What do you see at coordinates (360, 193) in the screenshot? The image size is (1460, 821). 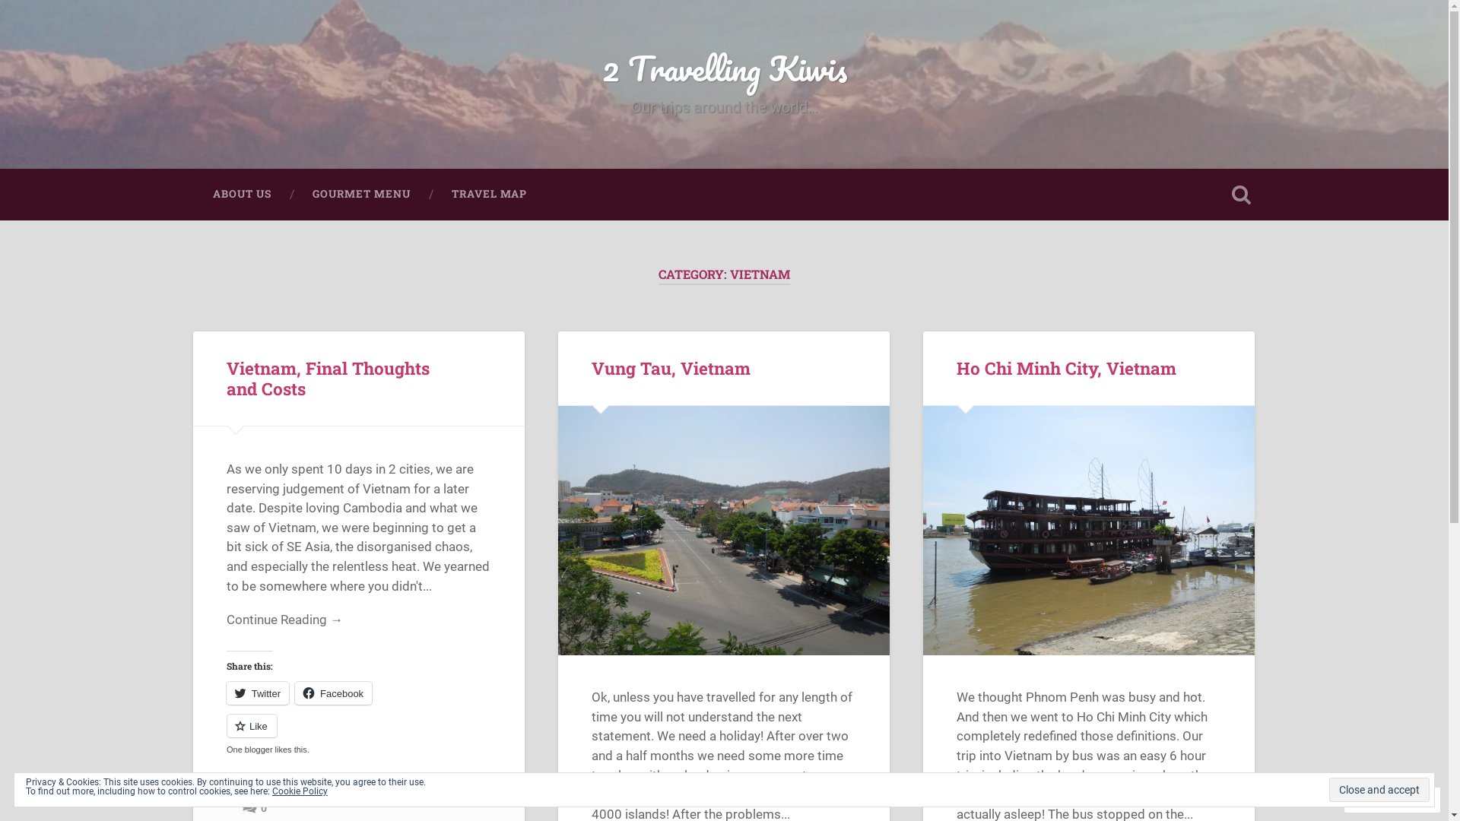 I see `'GOURMET MENU'` at bounding box center [360, 193].